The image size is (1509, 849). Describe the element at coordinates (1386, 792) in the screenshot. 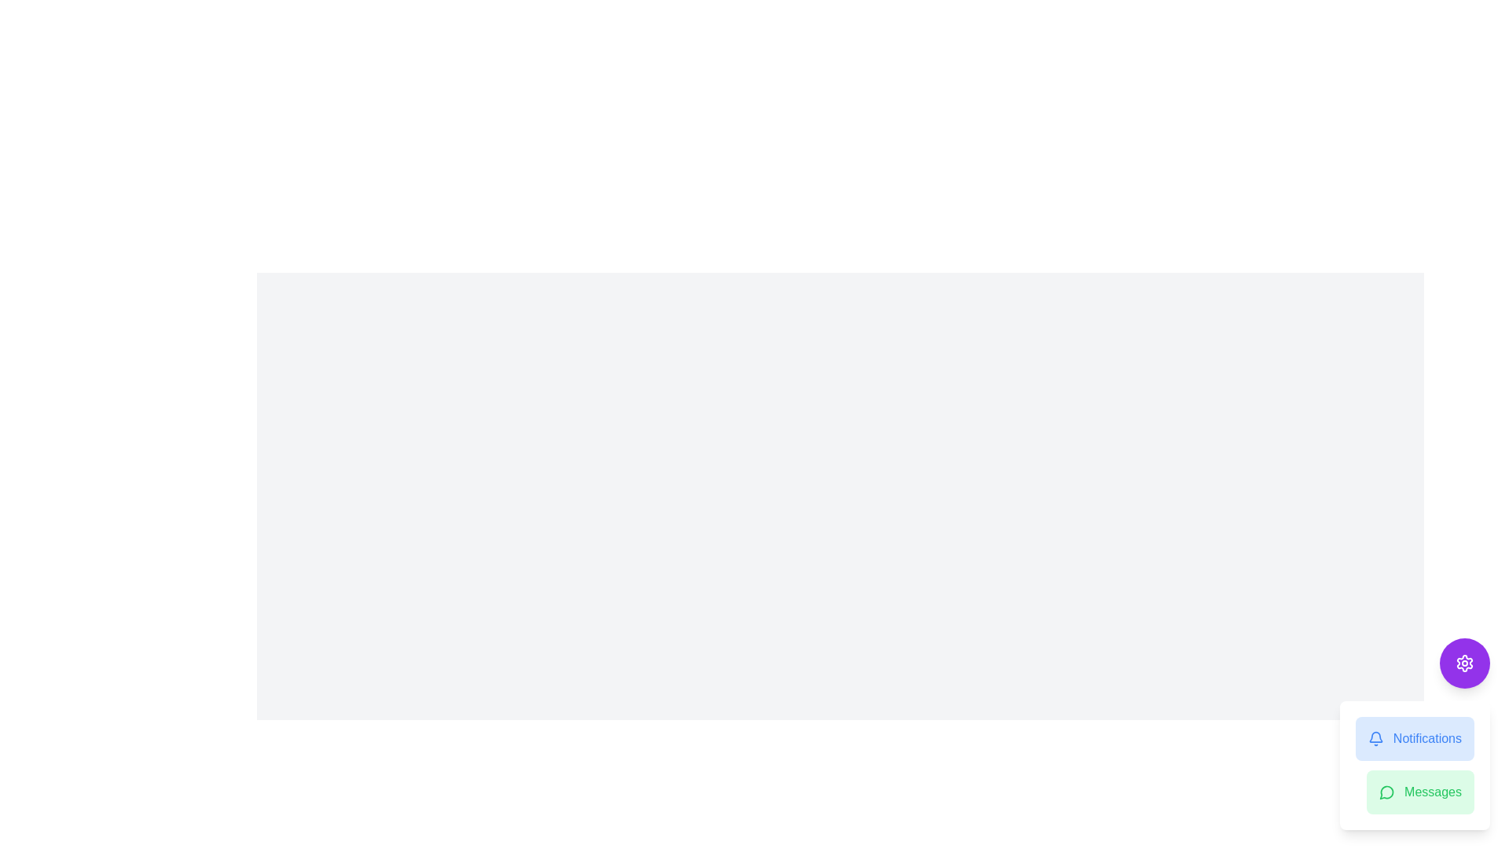

I see `the 'Messages' button, which is located in the bottom-right corner of the interface and contains an icon representing messaging functionality` at that location.